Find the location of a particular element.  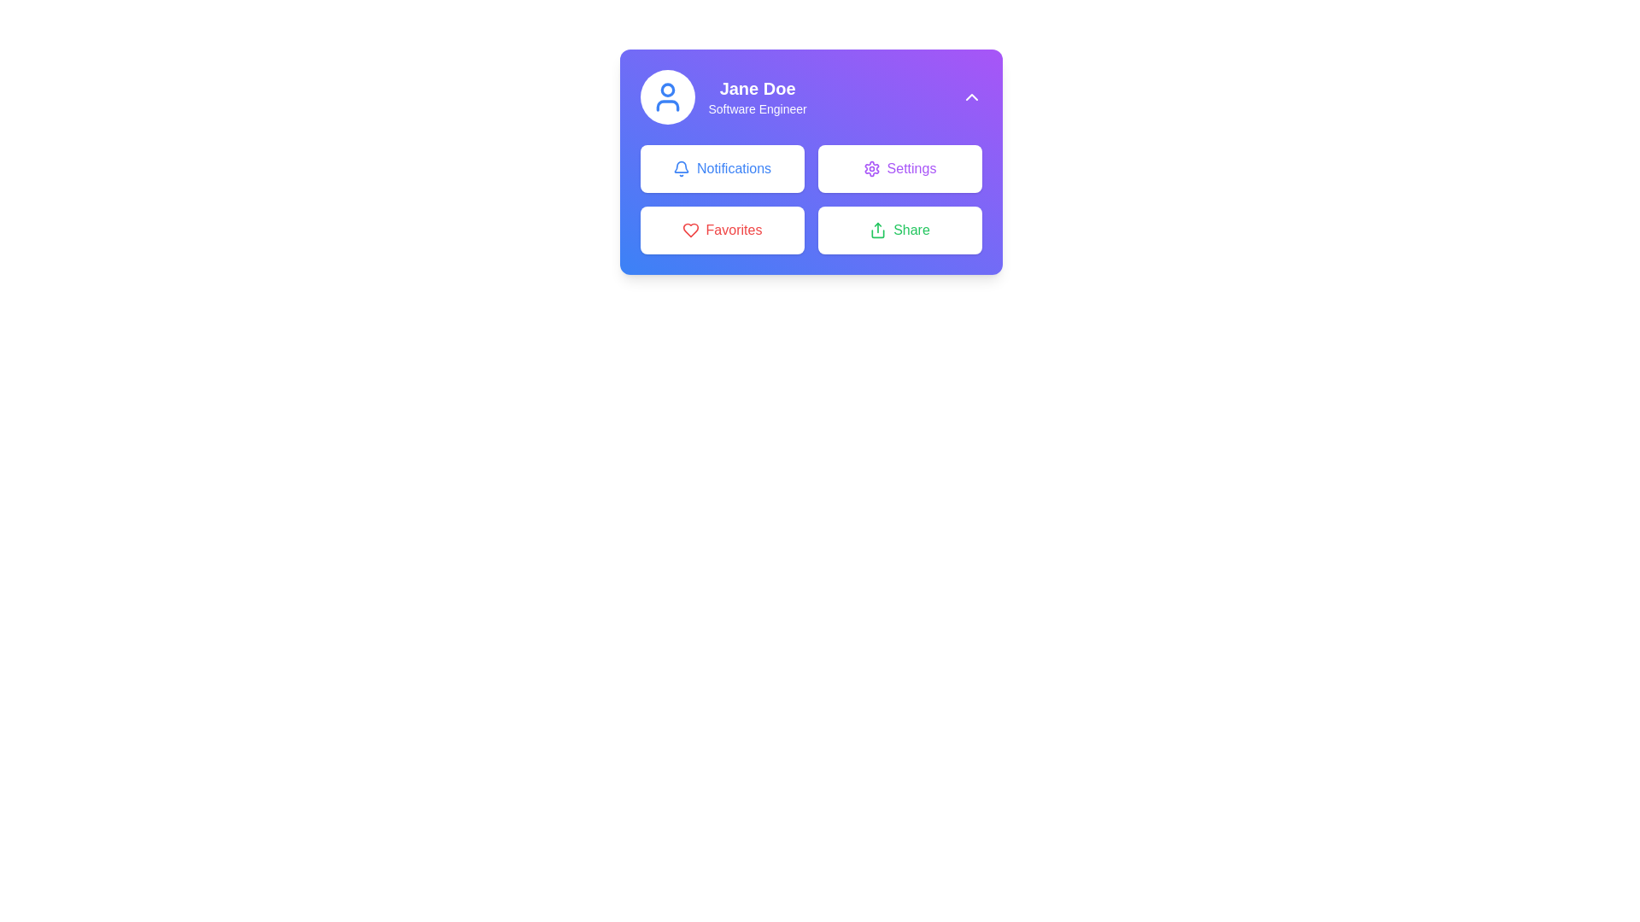

label inside the button that indicates the notifications functionality, which is the first button on the left in the top row of a grid-like grouping of four buttons is located at coordinates (734, 168).